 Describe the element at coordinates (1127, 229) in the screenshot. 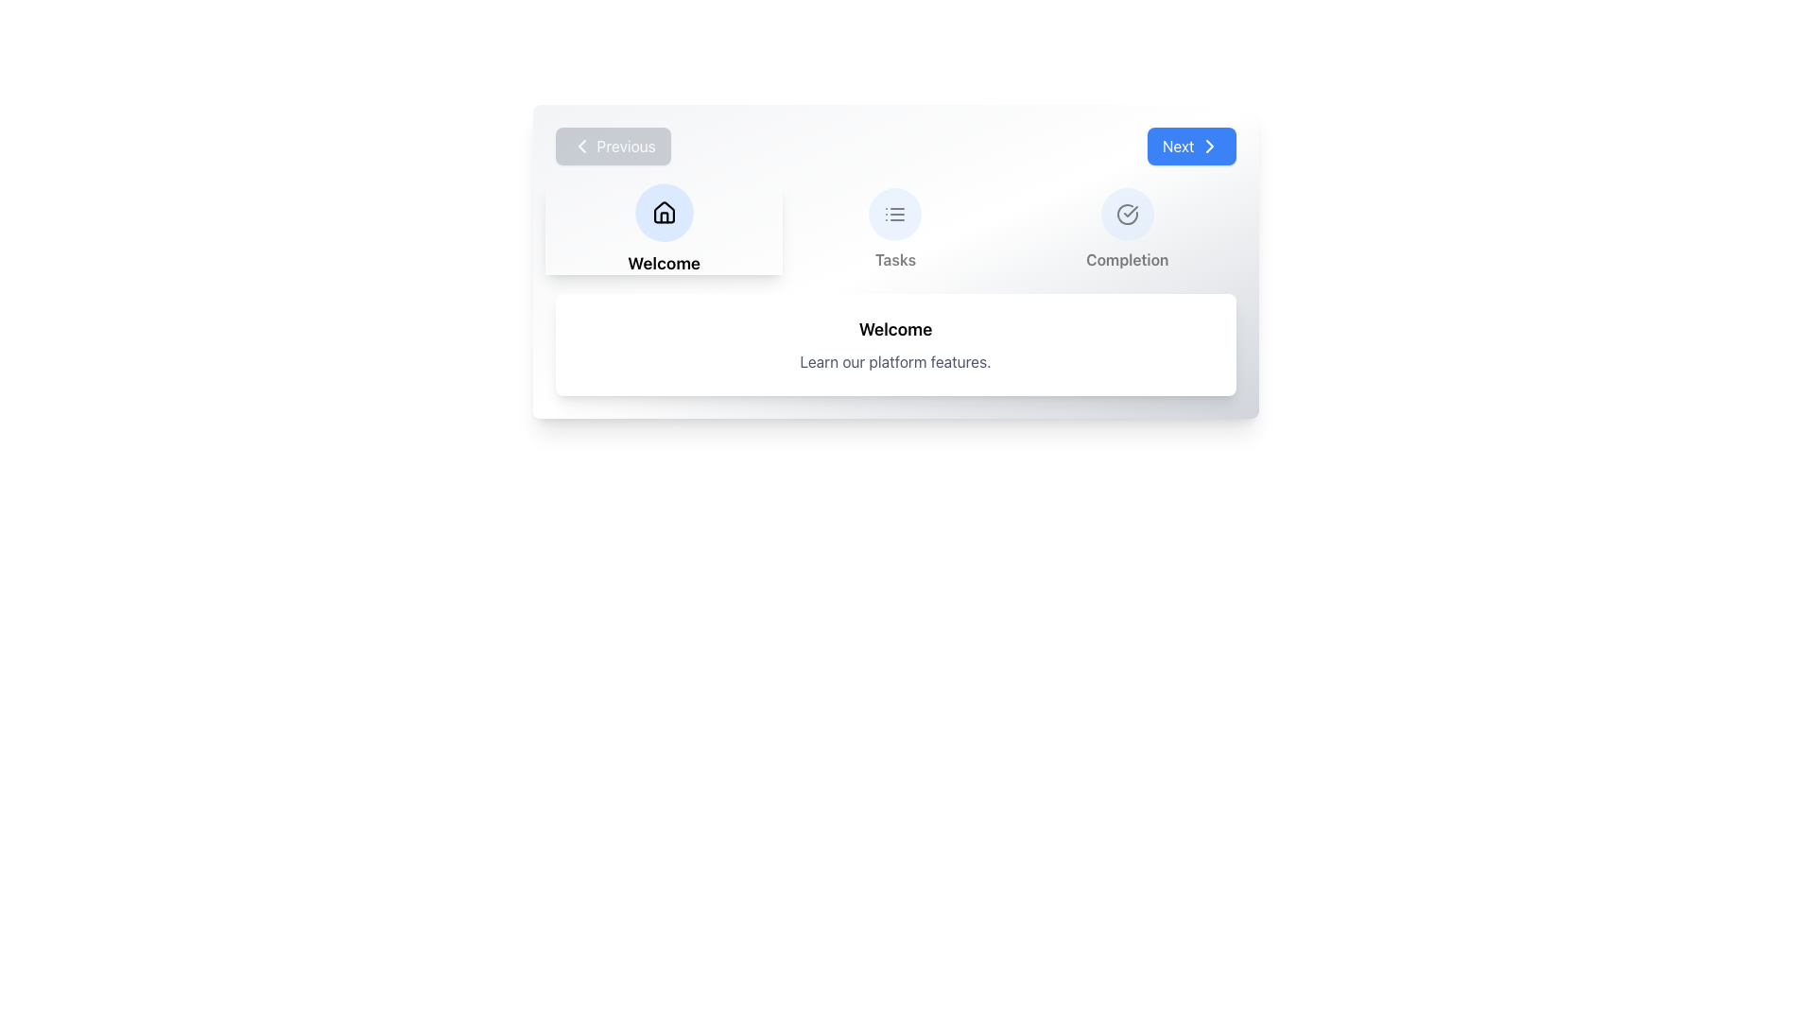

I see `the 'Completion' icon-label pair, which features a check circle icon on a blue background` at that location.